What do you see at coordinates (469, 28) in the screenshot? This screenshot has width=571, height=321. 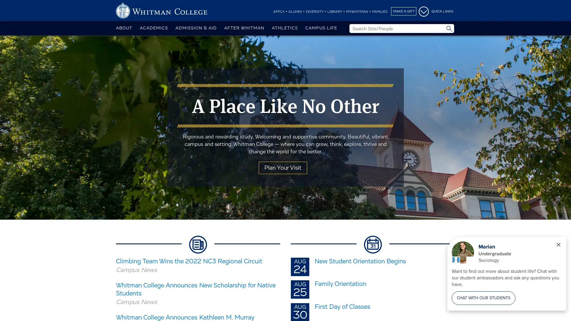 I see `People` at bounding box center [469, 28].